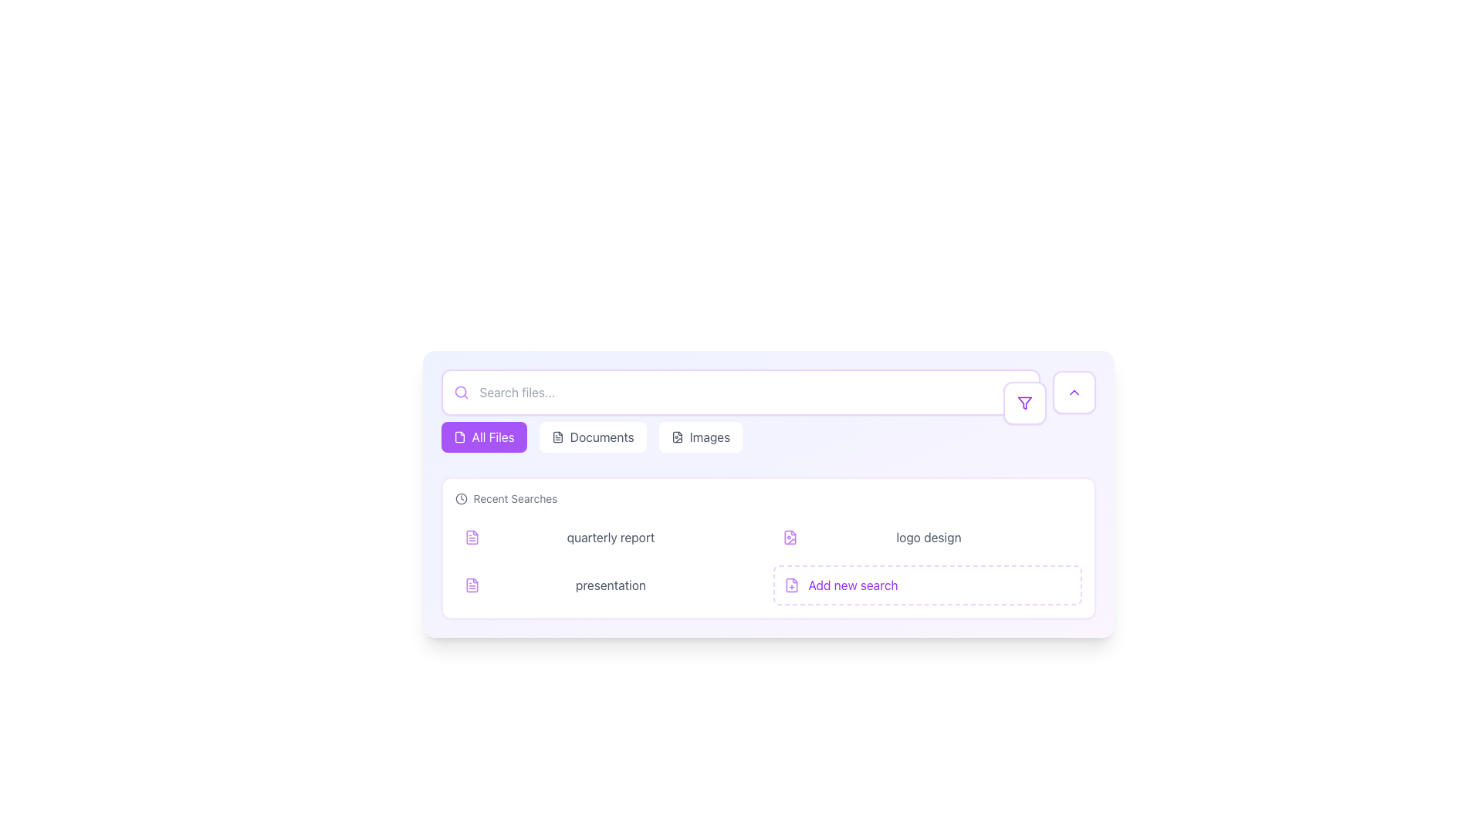 The width and height of the screenshot is (1482, 833). I want to click on the static text label displaying 'logo design', located in the bottom-right section of the interface, positioned between a purple icon and a gray 'close' icon, so click(928, 537).